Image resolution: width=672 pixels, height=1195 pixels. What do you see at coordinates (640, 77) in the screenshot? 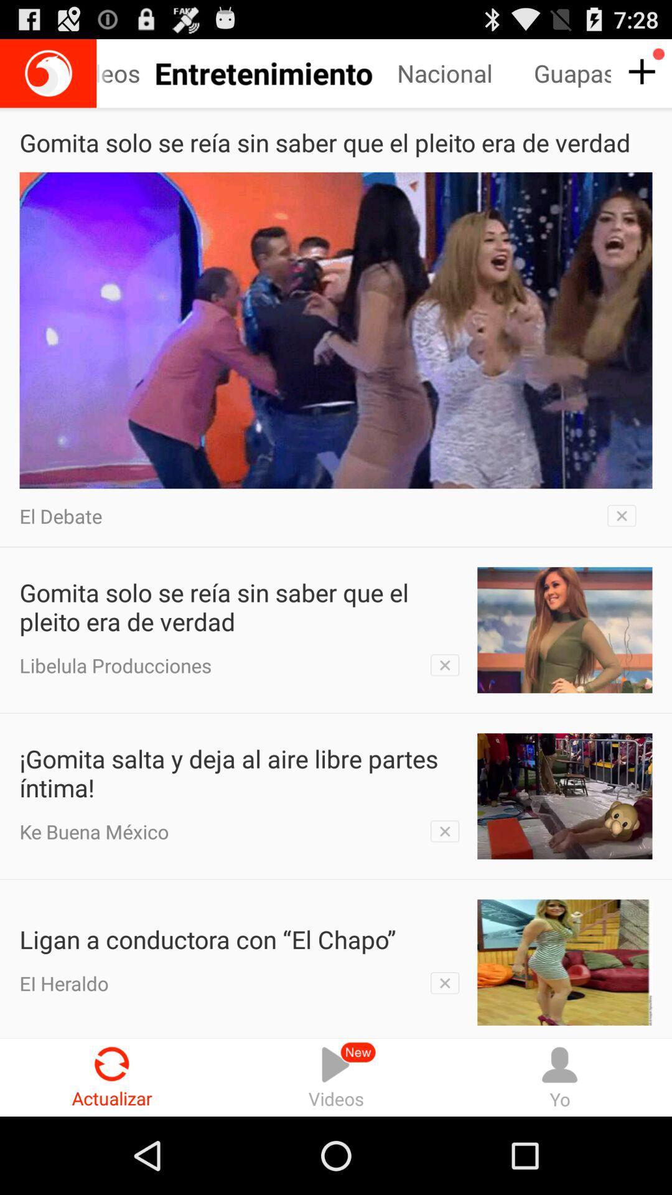
I see `the add icon` at bounding box center [640, 77].